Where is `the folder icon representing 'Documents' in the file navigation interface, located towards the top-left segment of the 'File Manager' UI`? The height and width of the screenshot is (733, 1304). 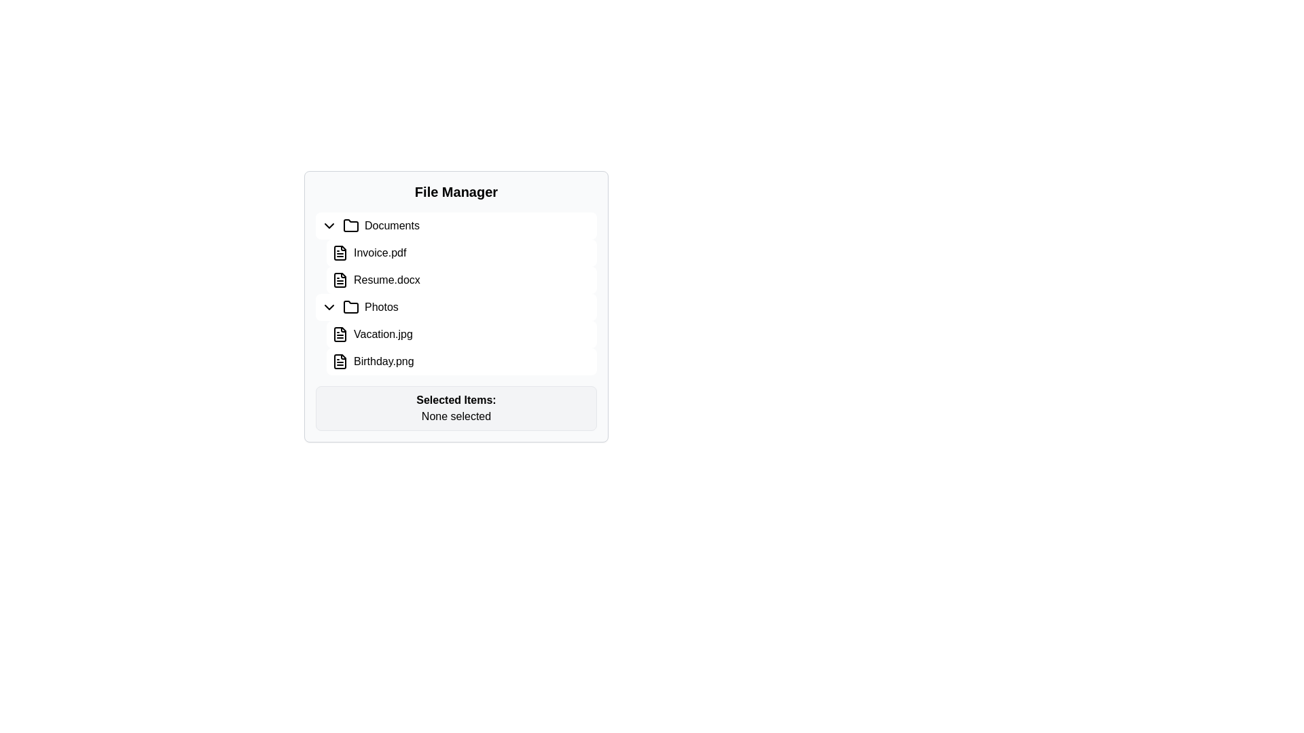
the folder icon representing 'Documents' in the file navigation interface, located towards the top-left segment of the 'File Manager' UI is located at coordinates (351, 224).